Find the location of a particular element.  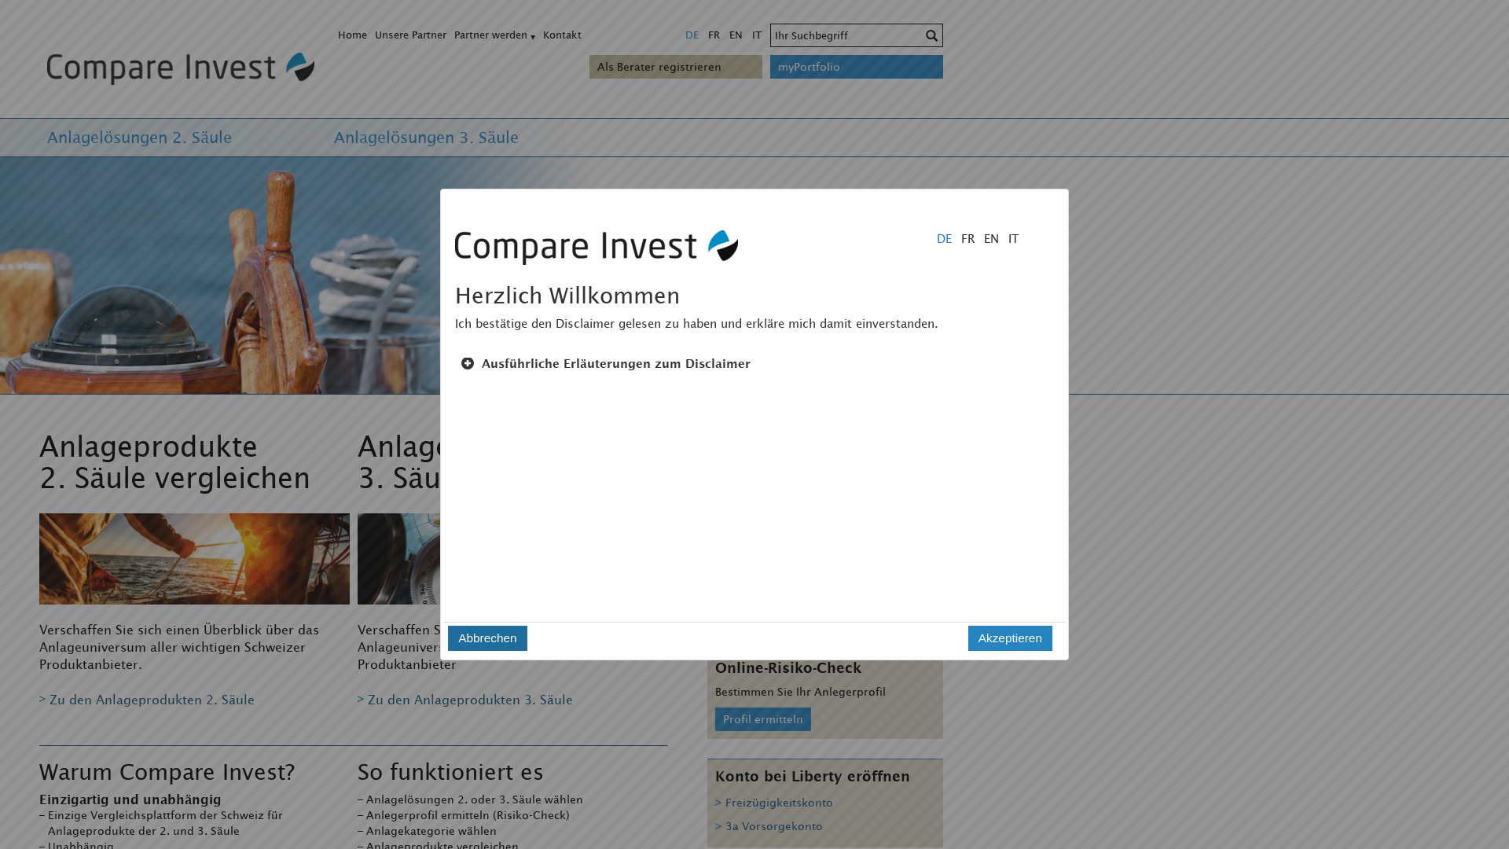

'DE' is located at coordinates (939, 238).